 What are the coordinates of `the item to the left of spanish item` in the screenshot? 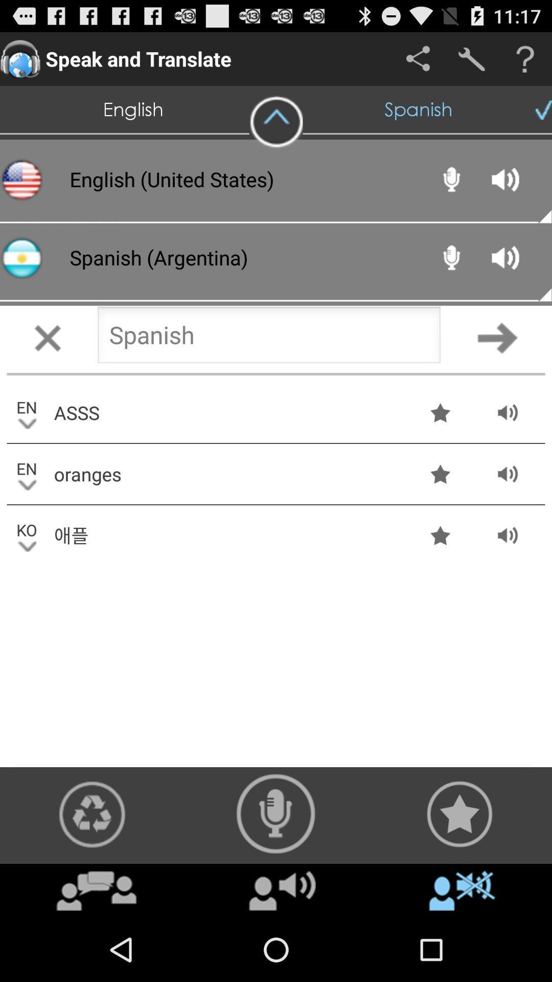 It's located at (276, 122).